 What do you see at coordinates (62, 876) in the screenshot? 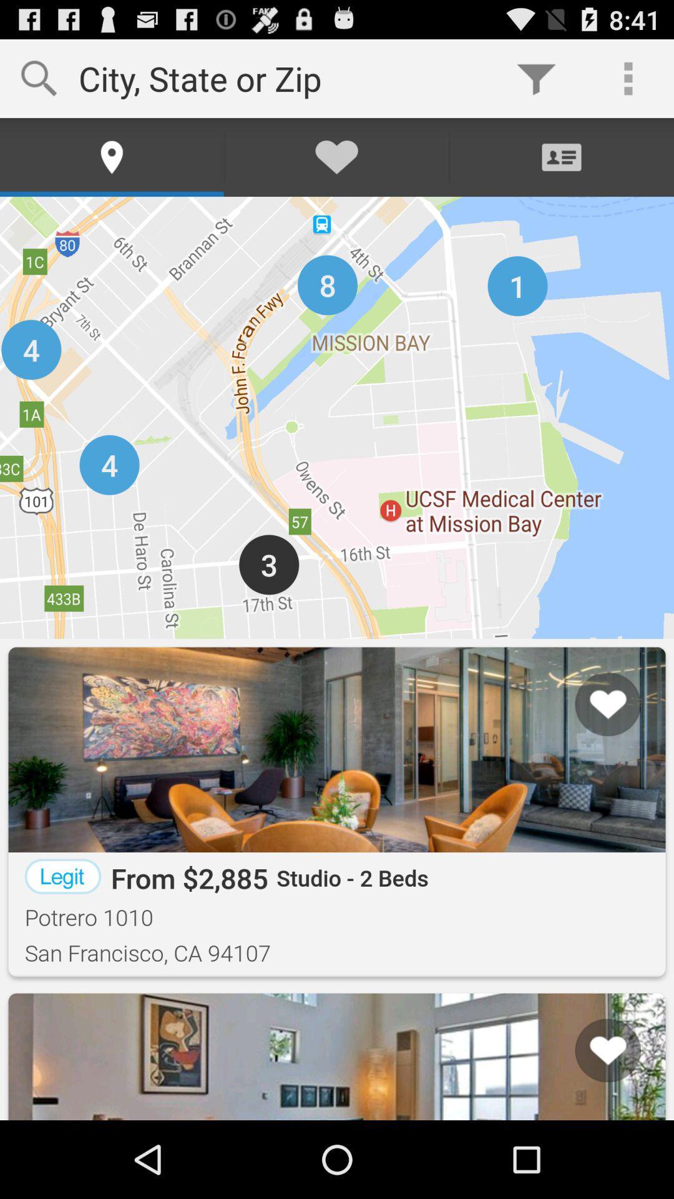
I see `the item next to the from $2,885 icon` at bounding box center [62, 876].